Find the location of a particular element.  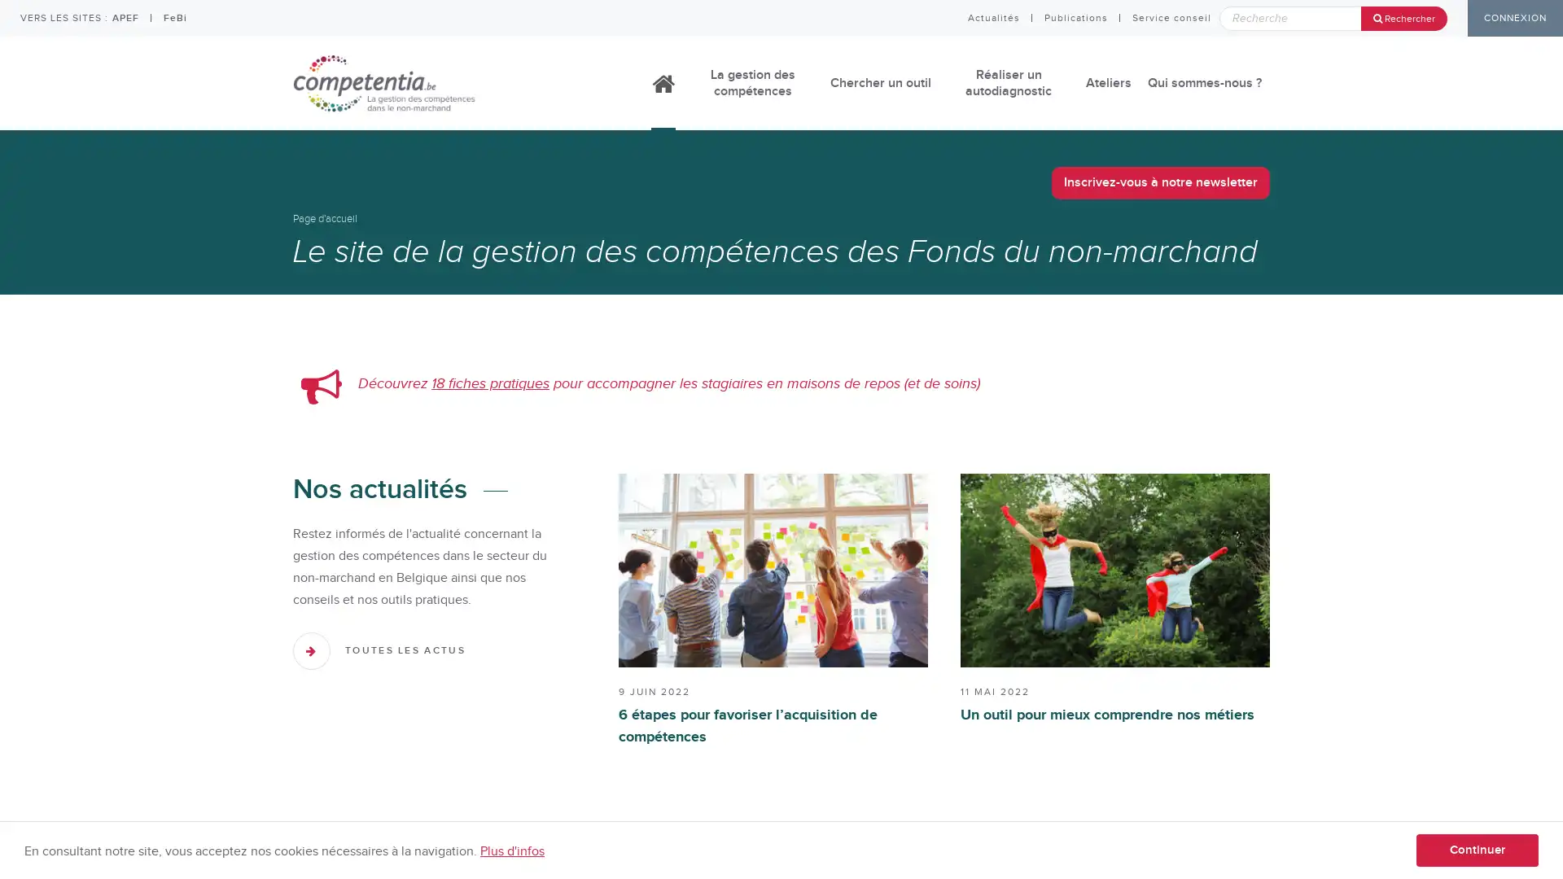

Rechercher is located at coordinates (1403, 18).